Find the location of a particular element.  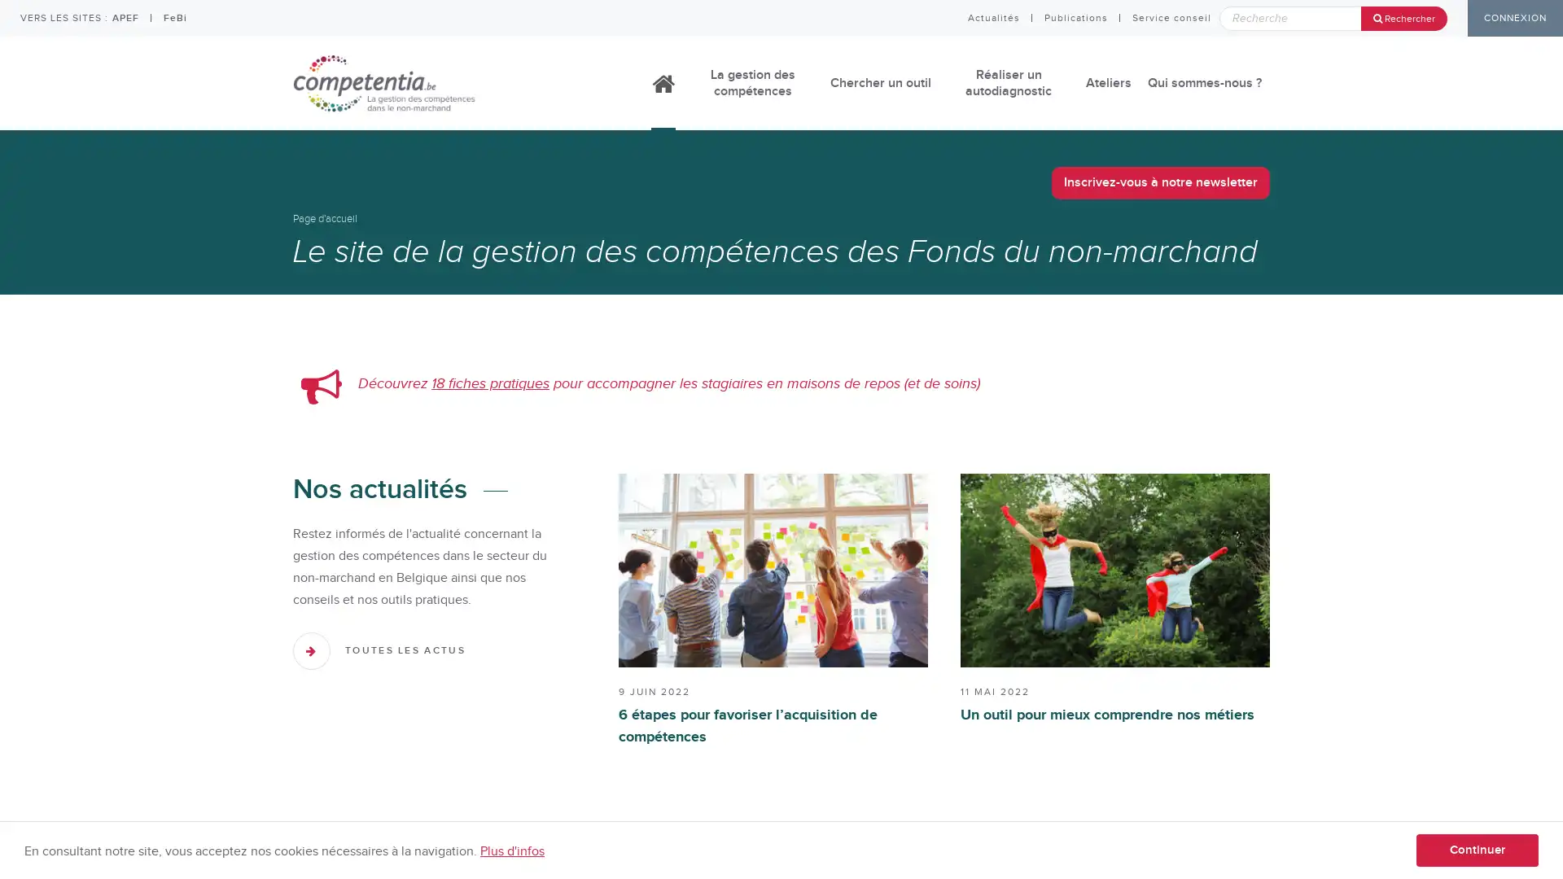

Rechercher is located at coordinates (1403, 18).